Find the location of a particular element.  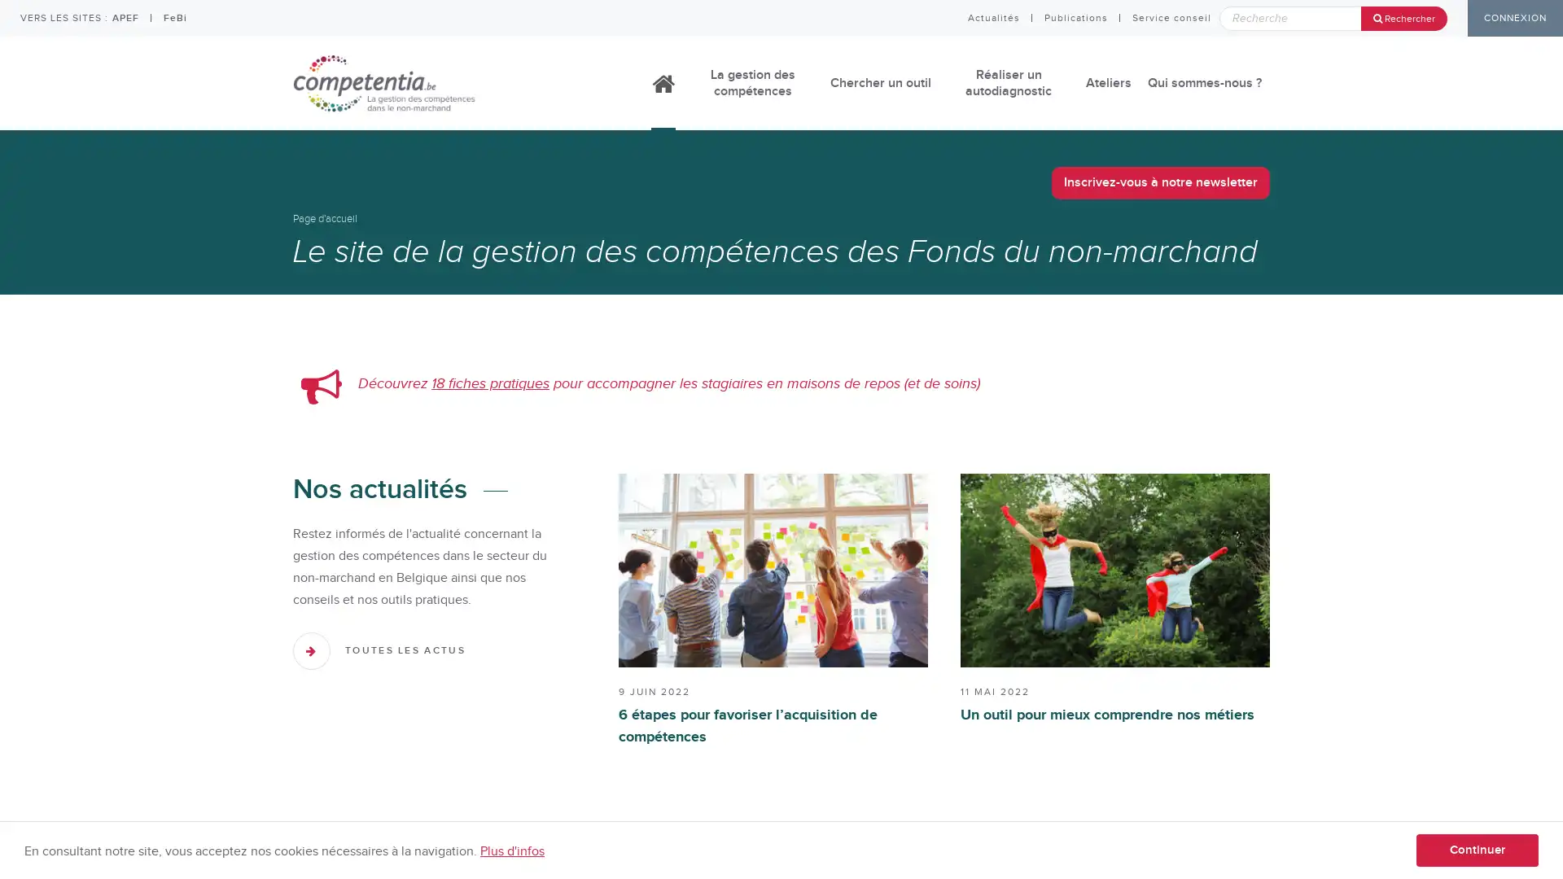

Rechercher is located at coordinates (1403, 18).